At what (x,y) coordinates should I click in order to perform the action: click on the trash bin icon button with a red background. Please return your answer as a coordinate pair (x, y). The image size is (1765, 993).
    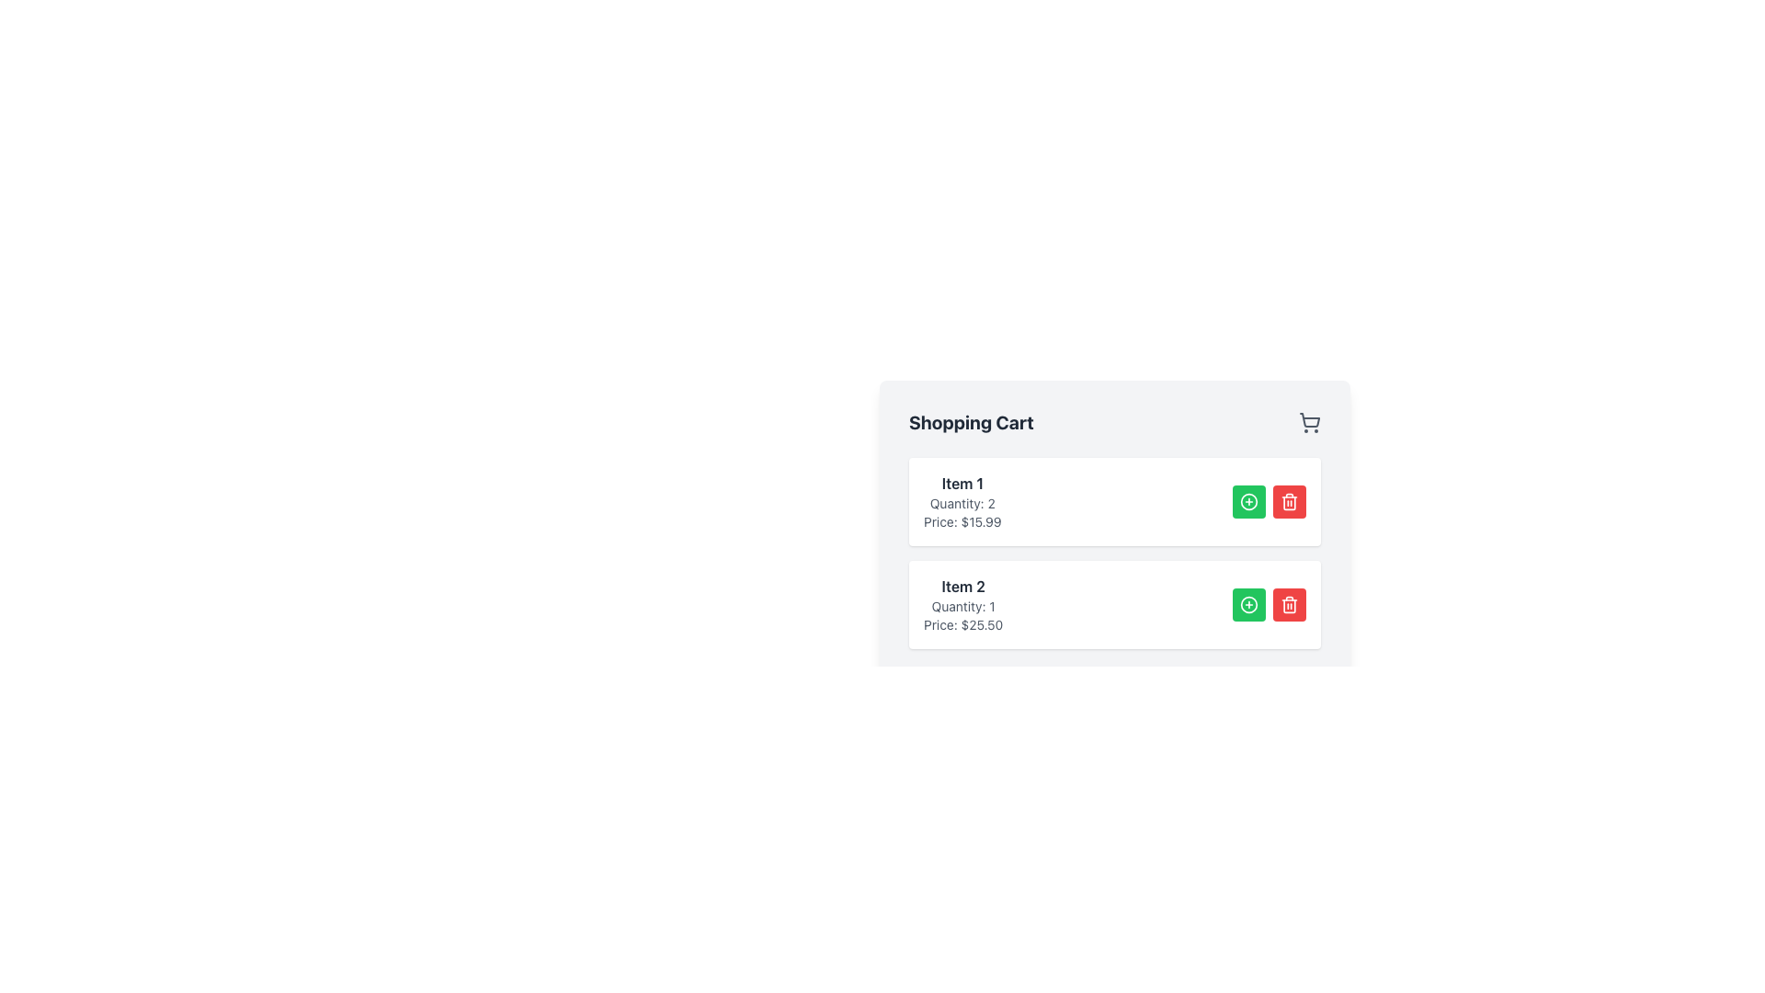
    Looking at the image, I should click on (1288, 605).